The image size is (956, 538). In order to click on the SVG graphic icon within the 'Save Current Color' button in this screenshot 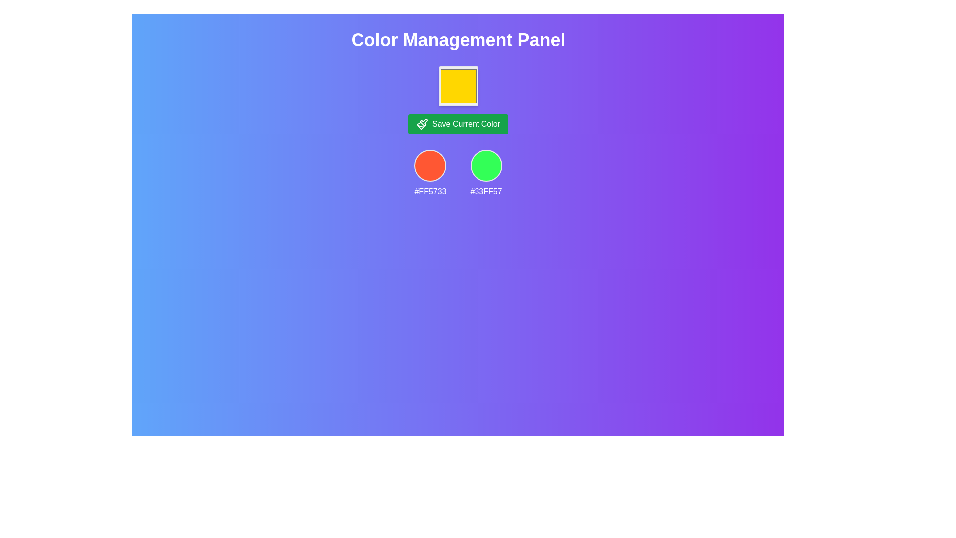, I will do `click(423, 122)`.